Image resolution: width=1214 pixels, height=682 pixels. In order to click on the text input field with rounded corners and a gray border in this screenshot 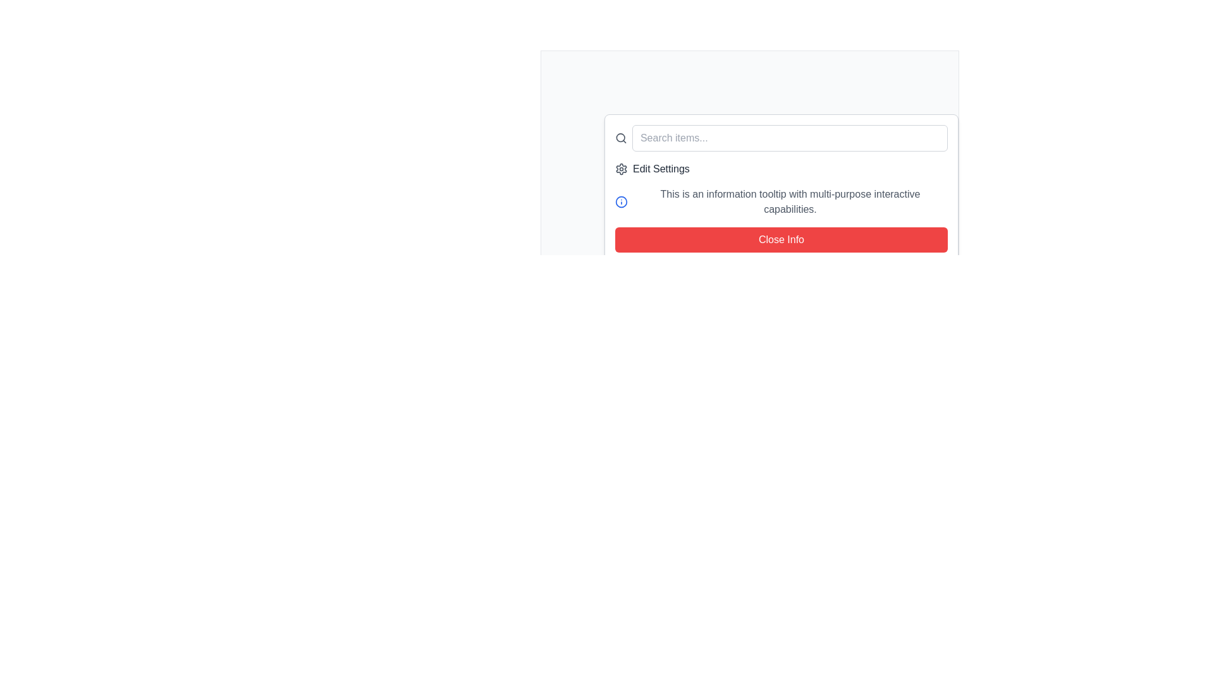, I will do `click(781, 138)`.